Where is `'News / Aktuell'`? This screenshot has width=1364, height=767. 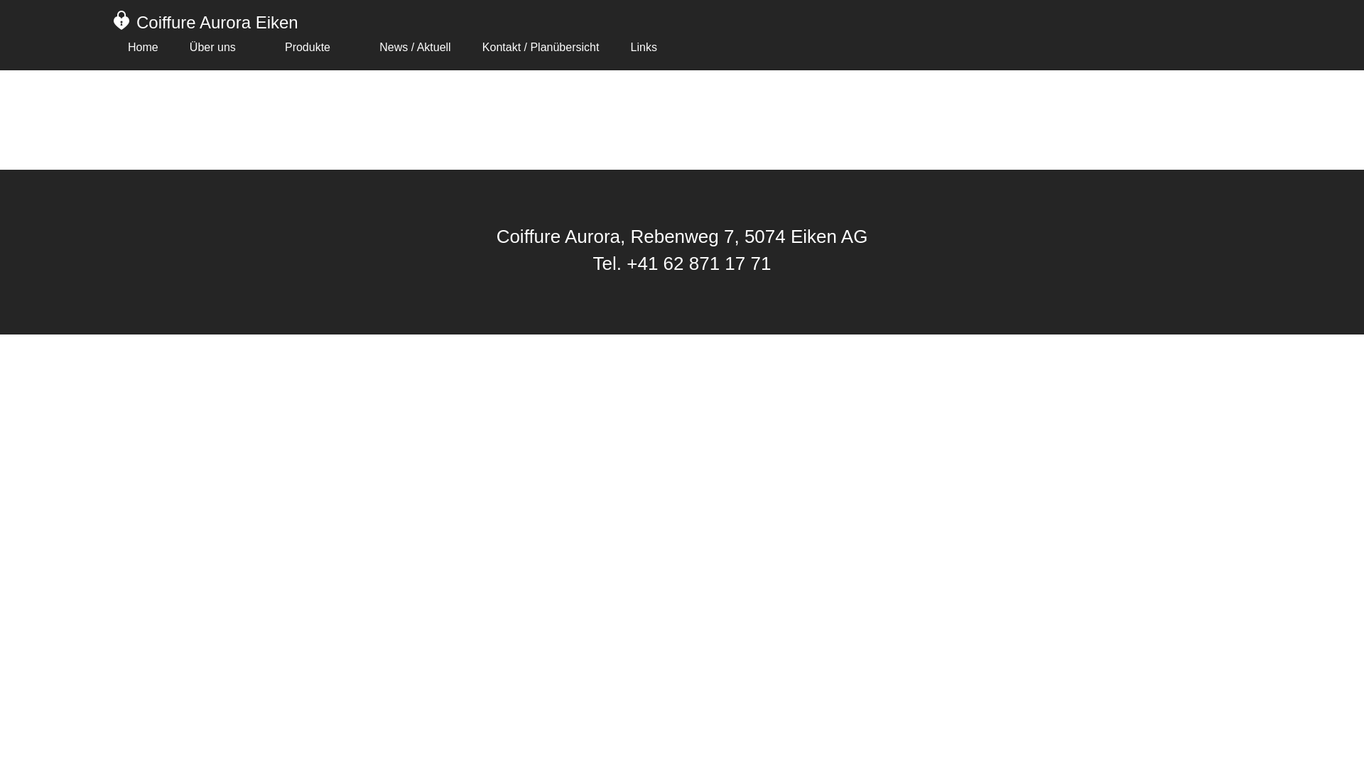
'News / Aktuell' is located at coordinates (364, 46).